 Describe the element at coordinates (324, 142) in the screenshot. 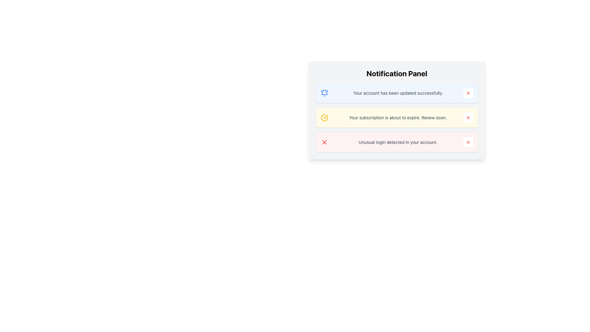

I see `the graphical close icon button located in the third row of the notification panel` at that location.